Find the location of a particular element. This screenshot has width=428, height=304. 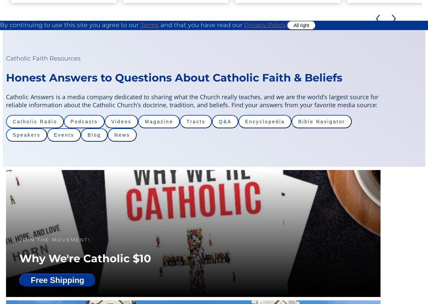

'Why We're Catholic $10' is located at coordinates (85, 258).